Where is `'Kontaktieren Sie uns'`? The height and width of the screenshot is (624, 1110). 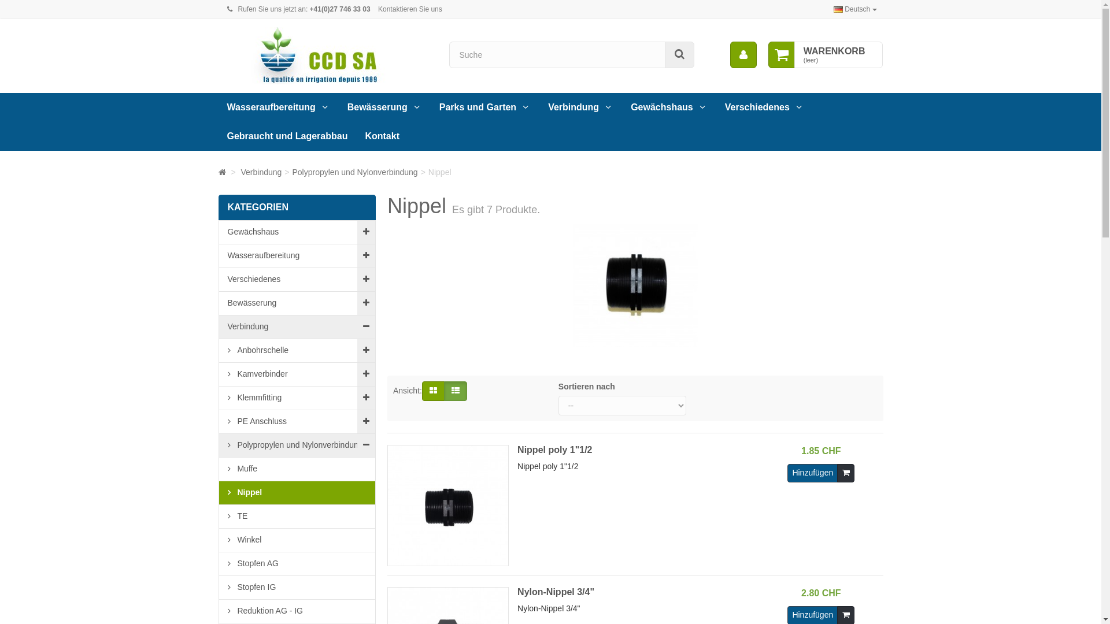 'Kontaktieren Sie uns' is located at coordinates (410, 9).